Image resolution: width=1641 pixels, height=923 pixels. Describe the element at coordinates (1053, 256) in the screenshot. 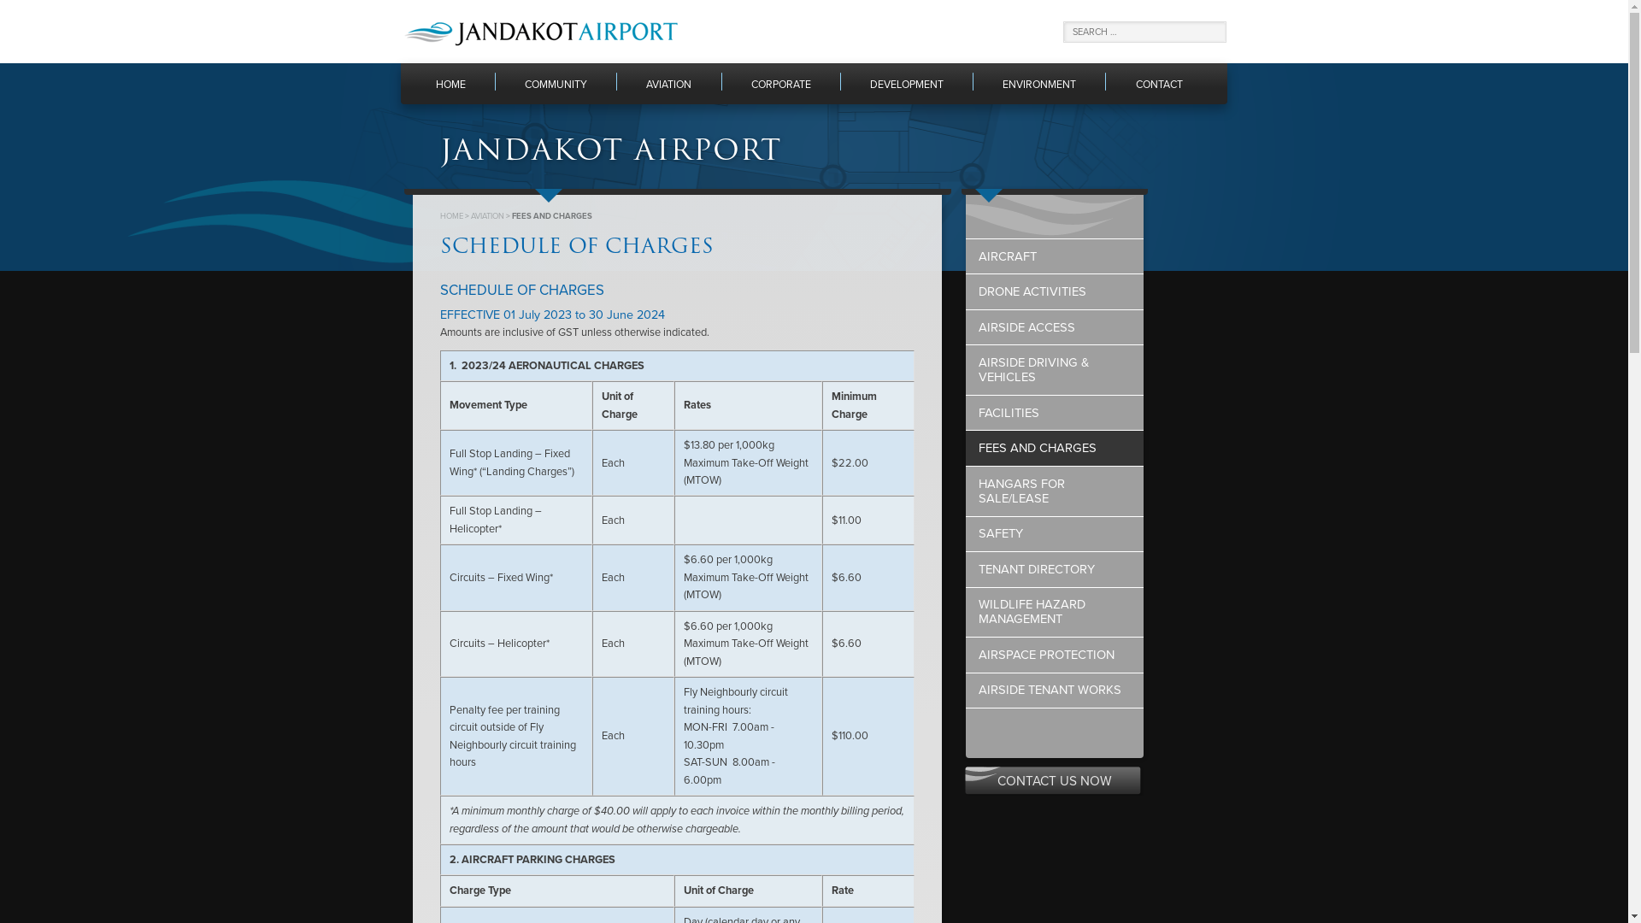

I see `'AIRCRAFT'` at that location.